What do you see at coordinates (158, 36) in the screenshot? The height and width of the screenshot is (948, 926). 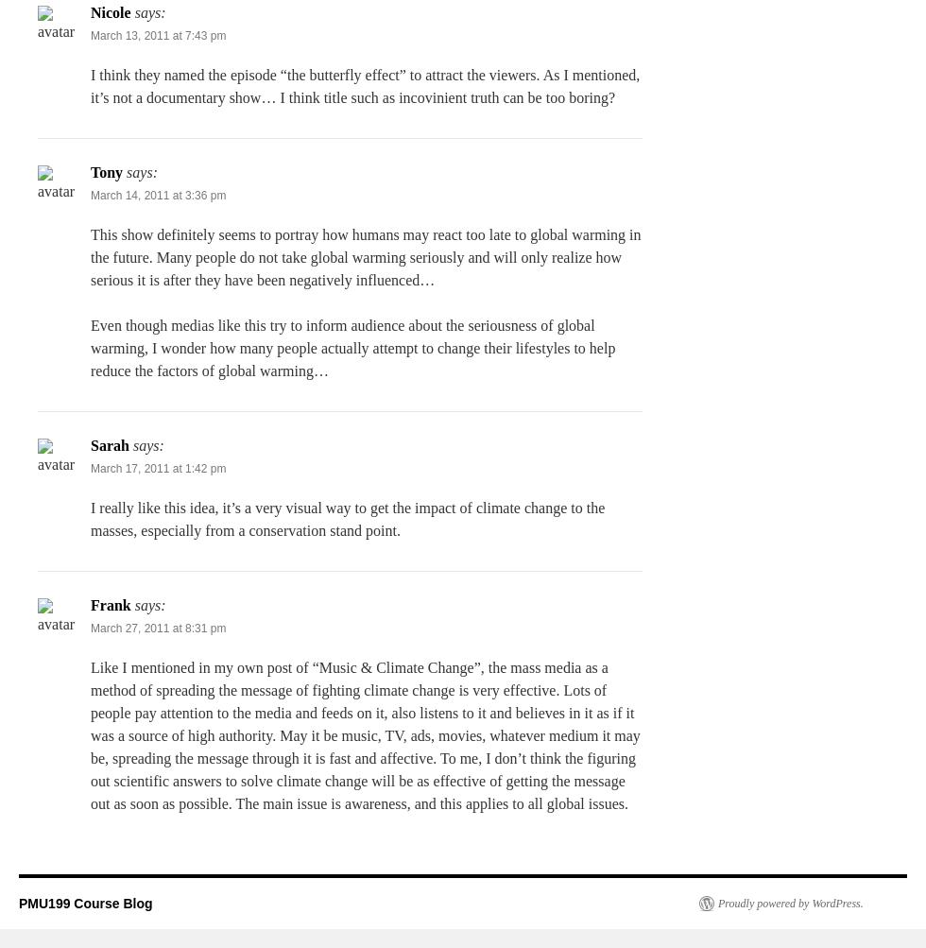 I see `'March 13, 2011 at 7:43 pm'` at bounding box center [158, 36].